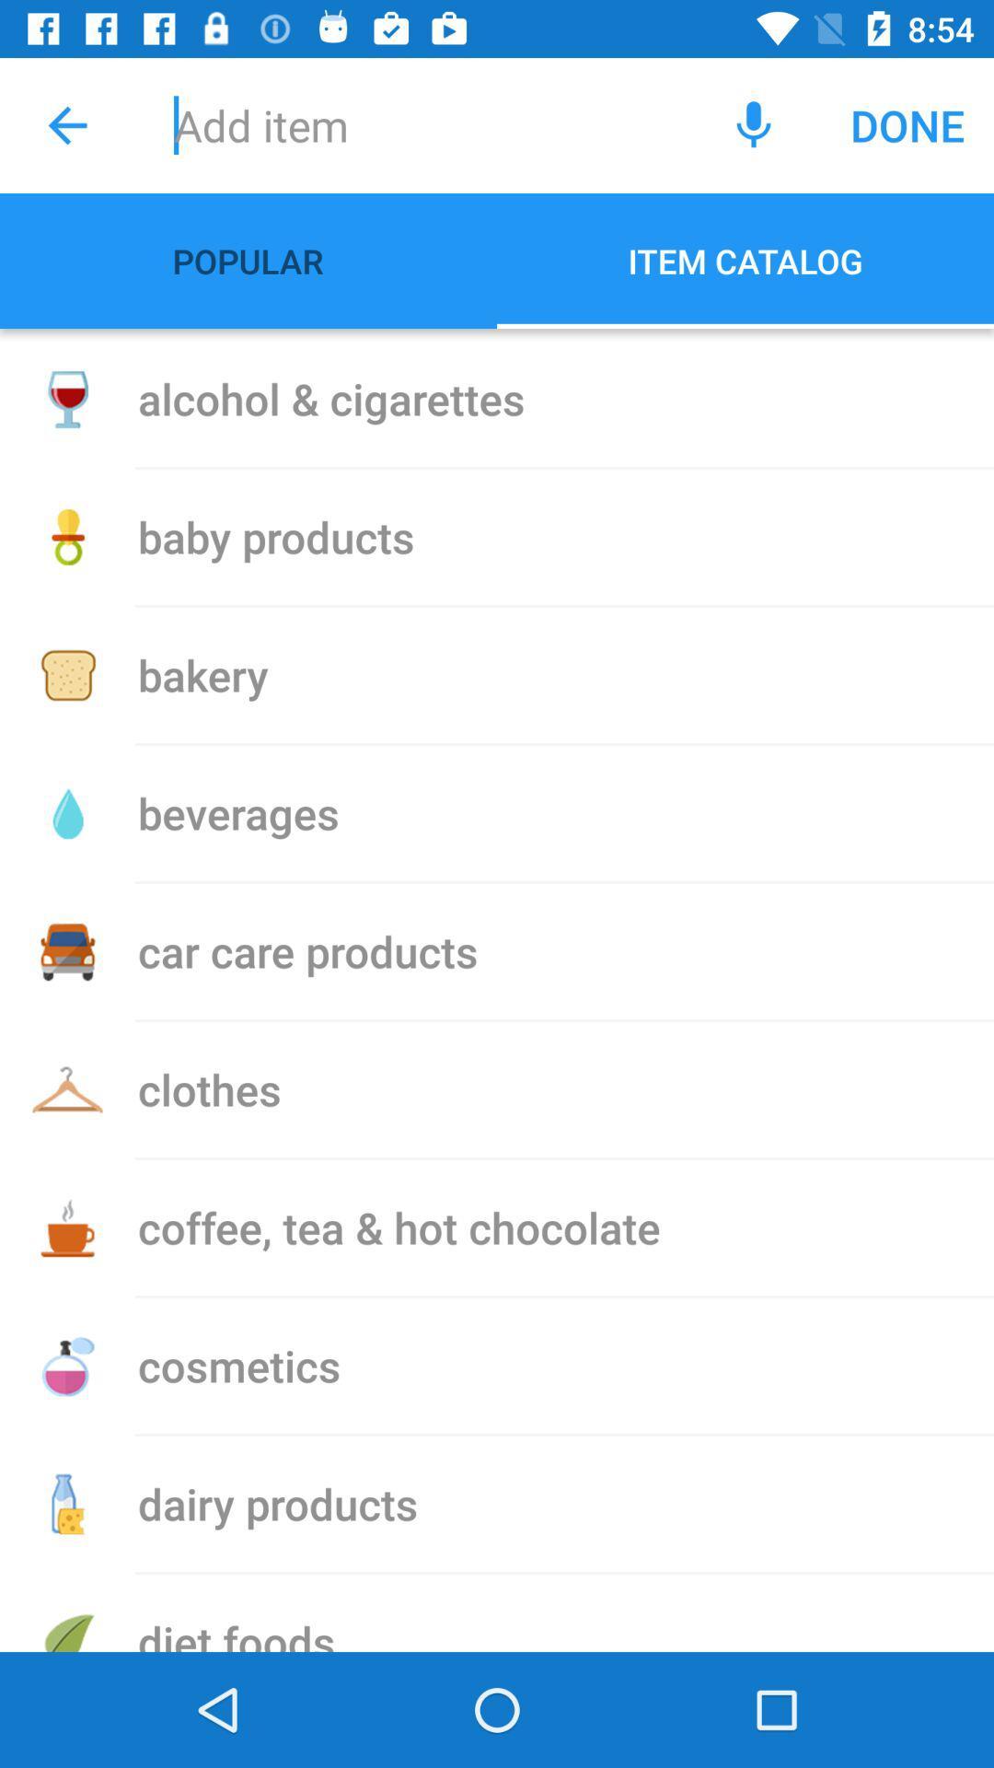 The height and width of the screenshot is (1768, 994). What do you see at coordinates (66, 537) in the screenshot?
I see `second icon beside baby products` at bounding box center [66, 537].